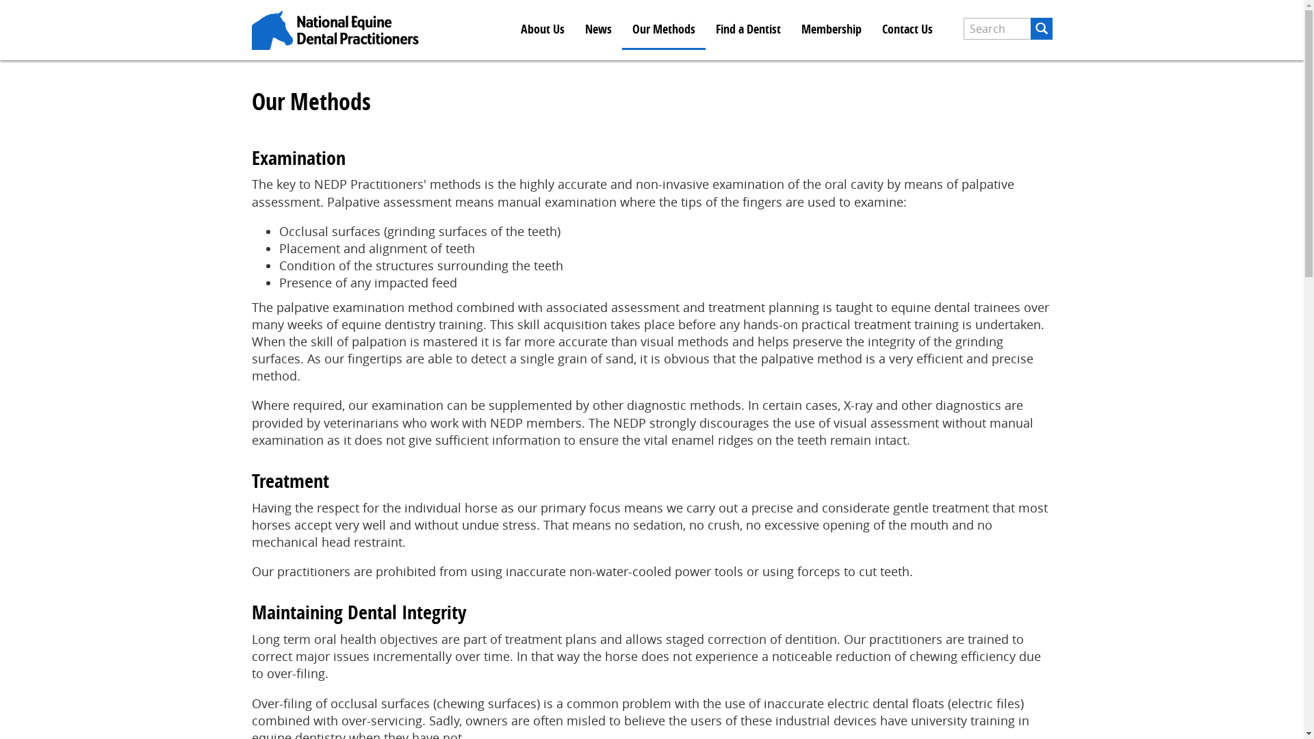 This screenshot has height=739, width=1314. What do you see at coordinates (620, 29) in the screenshot?
I see `'Our Methods'` at bounding box center [620, 29].